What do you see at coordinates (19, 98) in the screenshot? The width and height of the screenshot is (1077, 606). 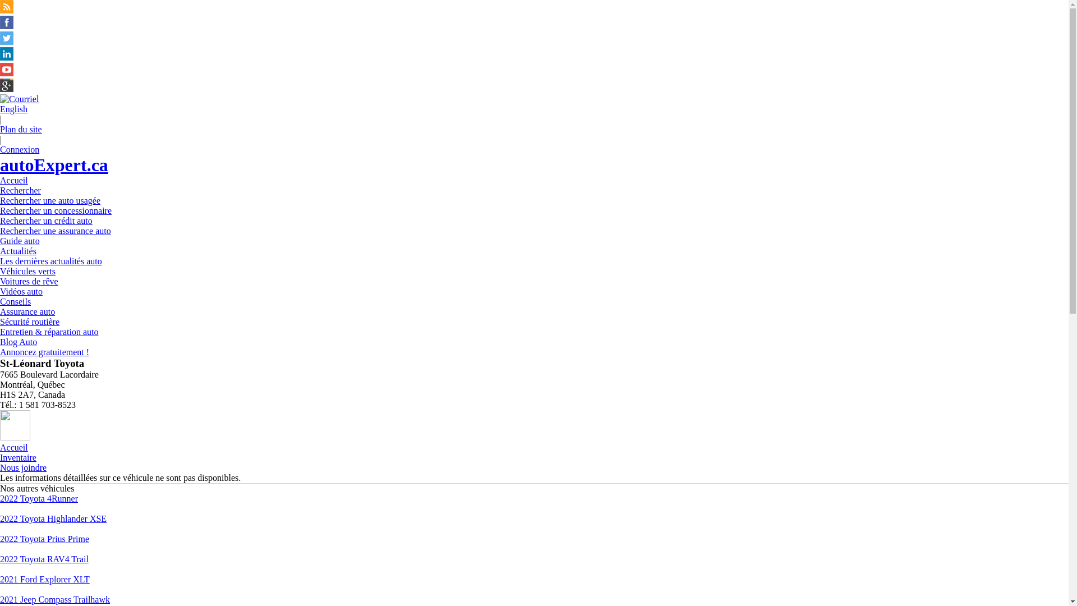 I see `'Joindre autoExpert.ca'` at bounding box center [19, 98].